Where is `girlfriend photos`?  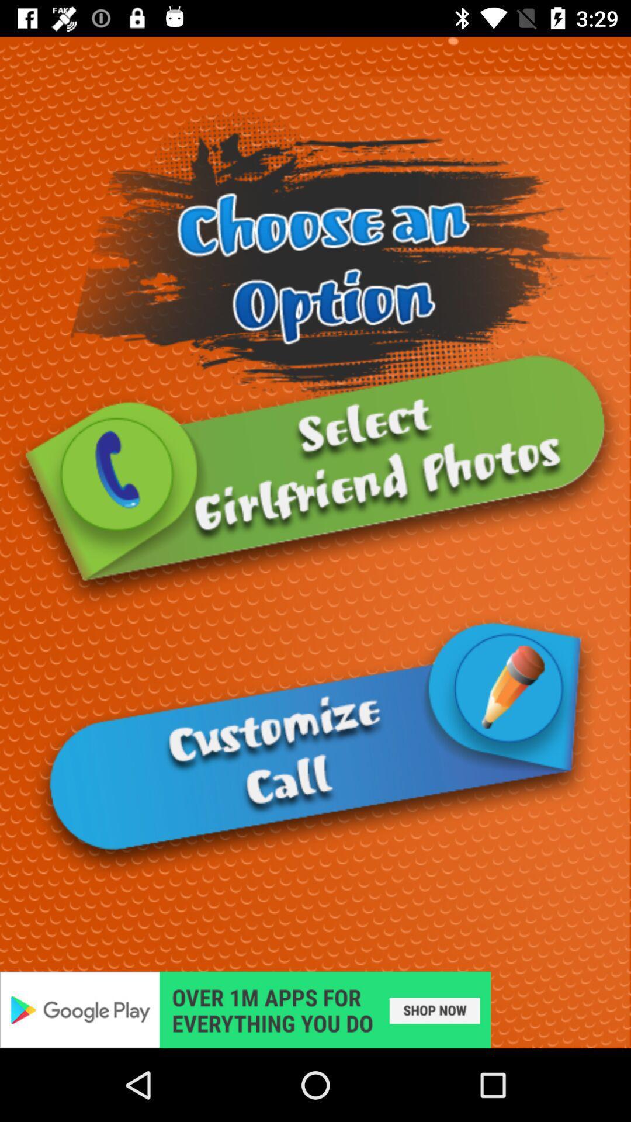 girlfriend photos is located at coordinates (315, 479).